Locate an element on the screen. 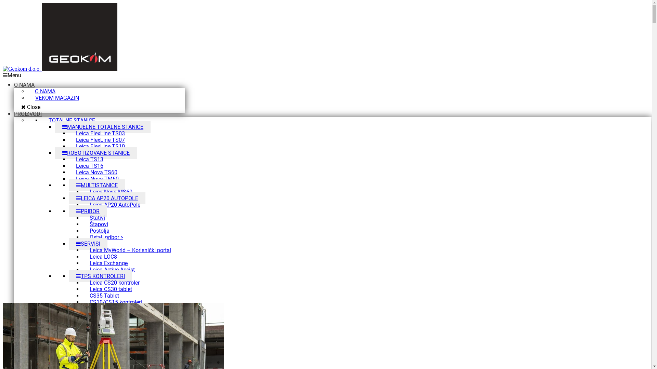 This screenshot has height=369, width=657. 'Ostali pribor >' is located at coordinates (106, 237).